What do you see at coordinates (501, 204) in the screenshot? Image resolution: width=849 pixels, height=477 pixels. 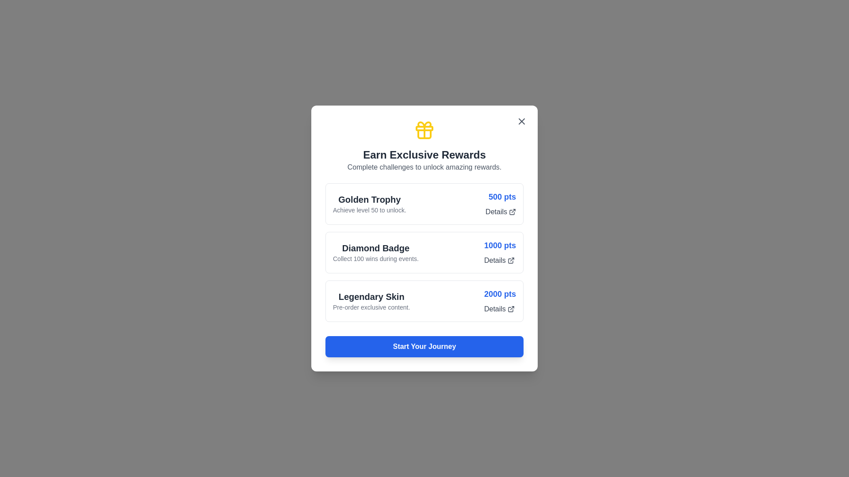 I see `reward points displayed in the Text and Icon Group that shows '500 pts' in bold blue color within the 'Golden Trophy' card` at bounding box center [501, 204].